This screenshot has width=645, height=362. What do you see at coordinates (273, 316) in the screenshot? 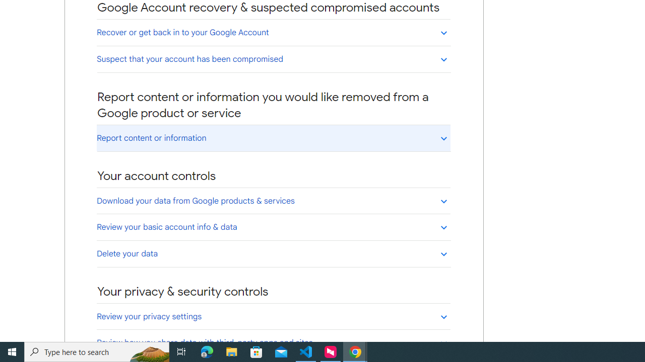
I see `'Review your privacy settings'` at bounding box center [273, 316].